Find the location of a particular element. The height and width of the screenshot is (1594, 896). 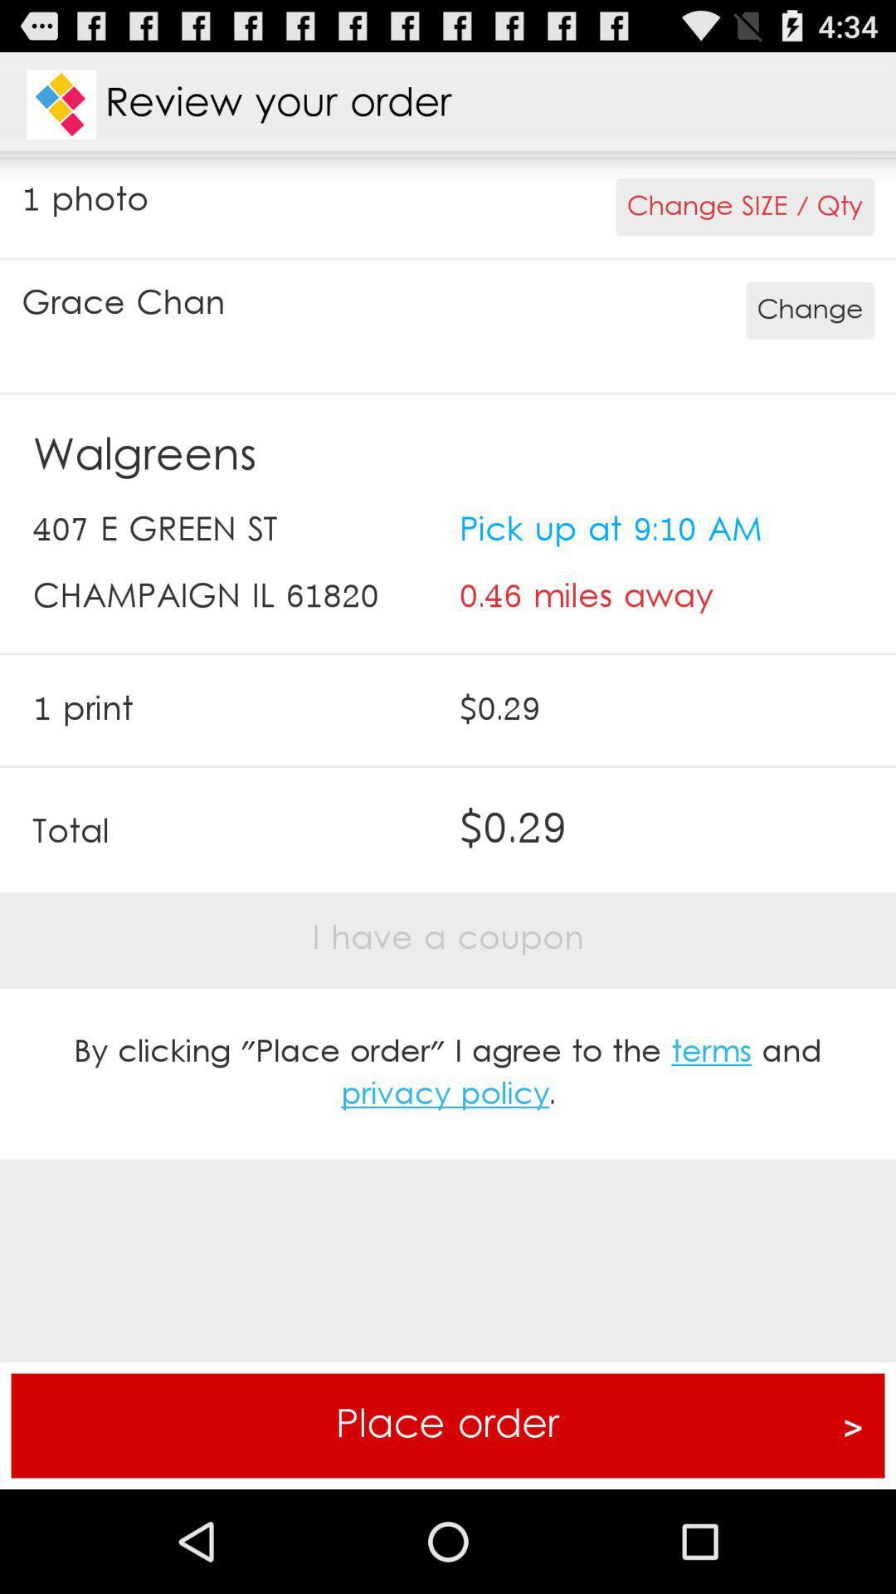

the by clicking place item is located at coordinates (448, 1073).